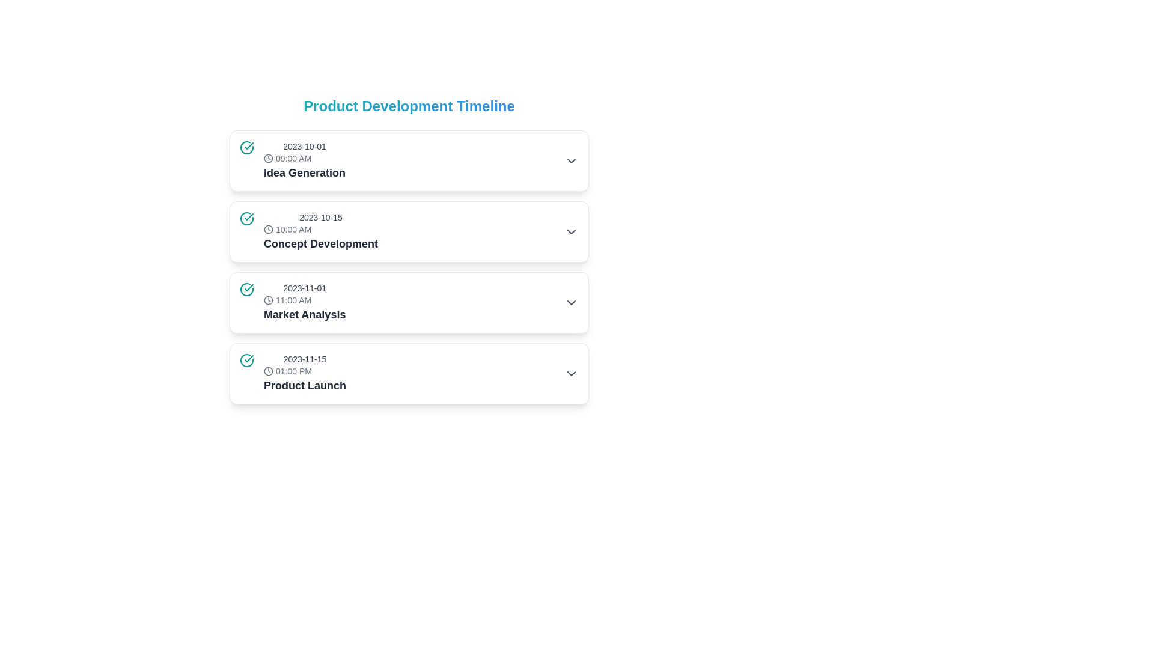 This screenshot has width=1154, height=649. I want to click on the third Card component in the Product Development Timeline to read the title and timing information, so click(409, 302).